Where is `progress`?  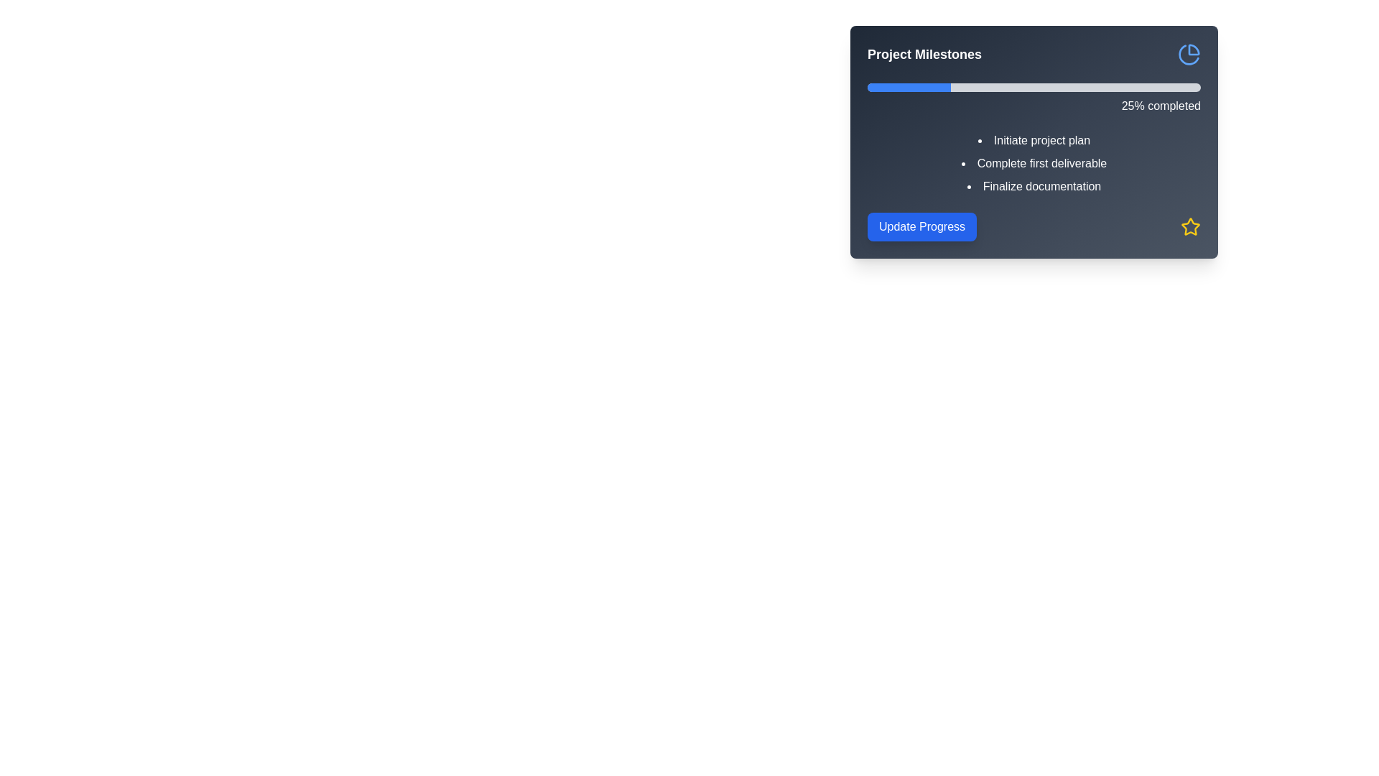
progress is located at coordinates (939, 88).